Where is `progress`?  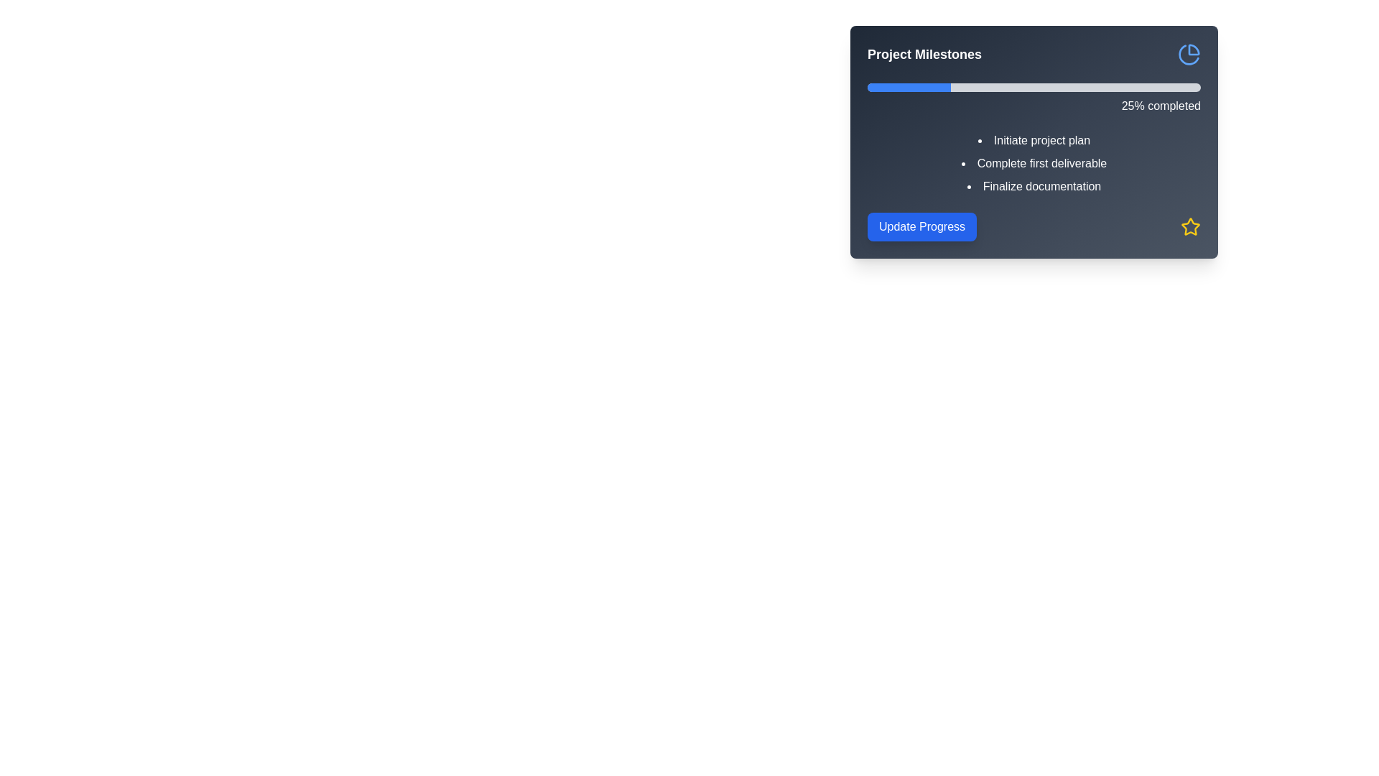
progress is located at coordinates (939, 88).